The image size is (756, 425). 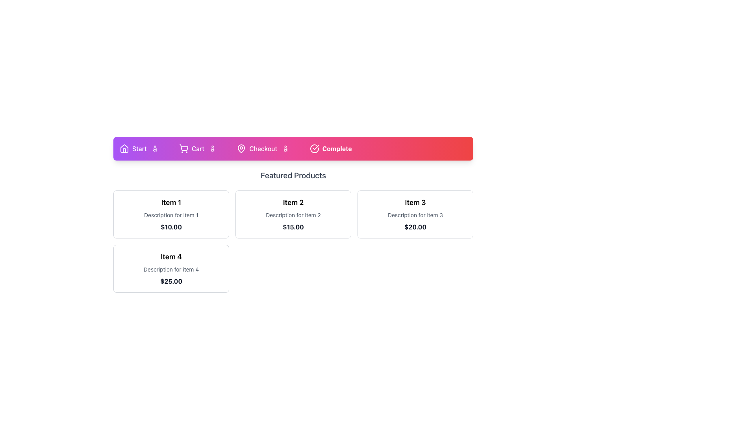 What do you see at coordinates (415, 227) in the screenshot?
I see `the text label displaying the static content '$20.00' which is located under 'Description for item 3' in the Item 3 card` at bounding box center [415, 227].